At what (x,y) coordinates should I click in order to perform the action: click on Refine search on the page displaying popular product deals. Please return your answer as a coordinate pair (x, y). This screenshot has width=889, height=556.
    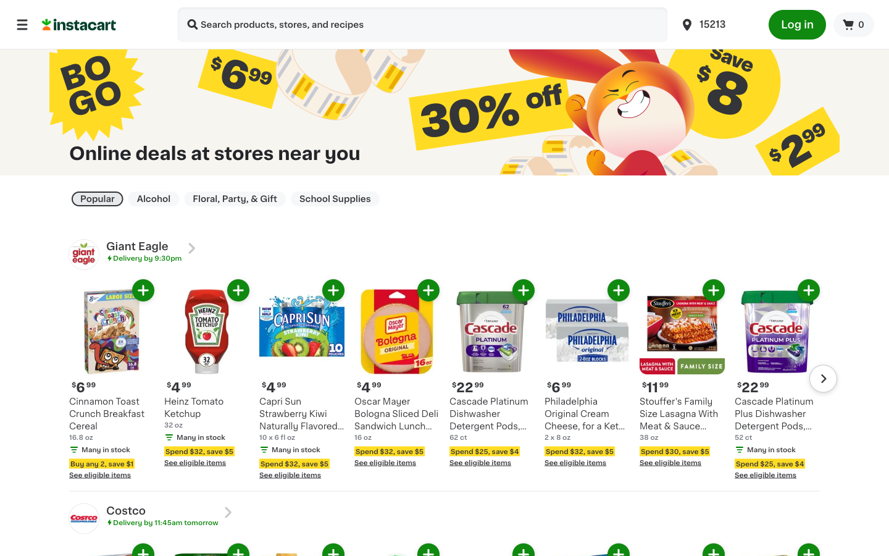
    Looking at the image, I should click on (96, 198).